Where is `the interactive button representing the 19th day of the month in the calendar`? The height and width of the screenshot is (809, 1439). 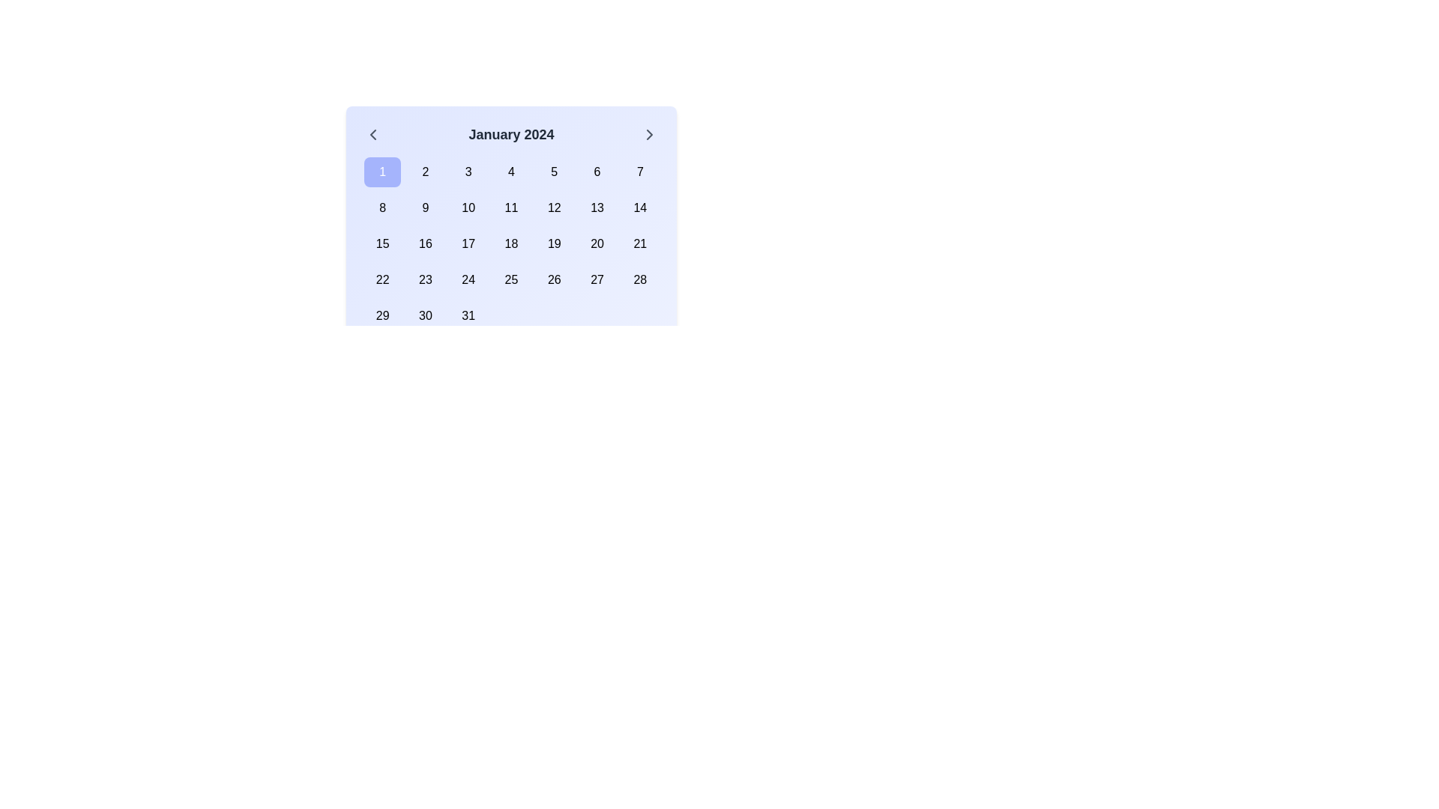
the interactive button representing the 19th day of the month in the calendar is located at coordinates (553, 243).